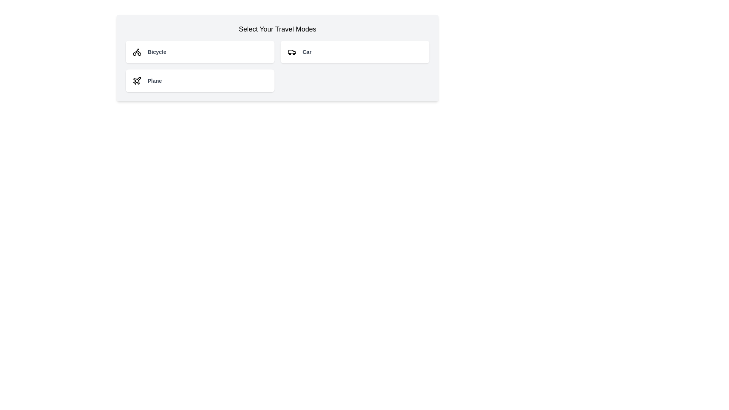 This screenshot has height=410, width=729. Describe the element at coordinates (200, 52) in the screenshot. I see `the 'Bicycle' travel mode option in the first column and first row of the grid` at that location.